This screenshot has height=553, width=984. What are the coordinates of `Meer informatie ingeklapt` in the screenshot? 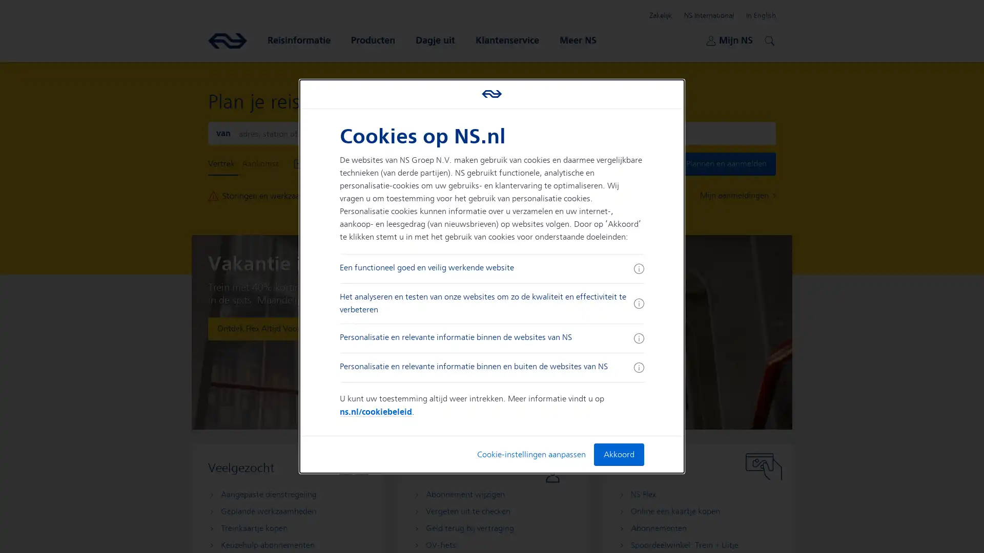 It's located at (638, 338).